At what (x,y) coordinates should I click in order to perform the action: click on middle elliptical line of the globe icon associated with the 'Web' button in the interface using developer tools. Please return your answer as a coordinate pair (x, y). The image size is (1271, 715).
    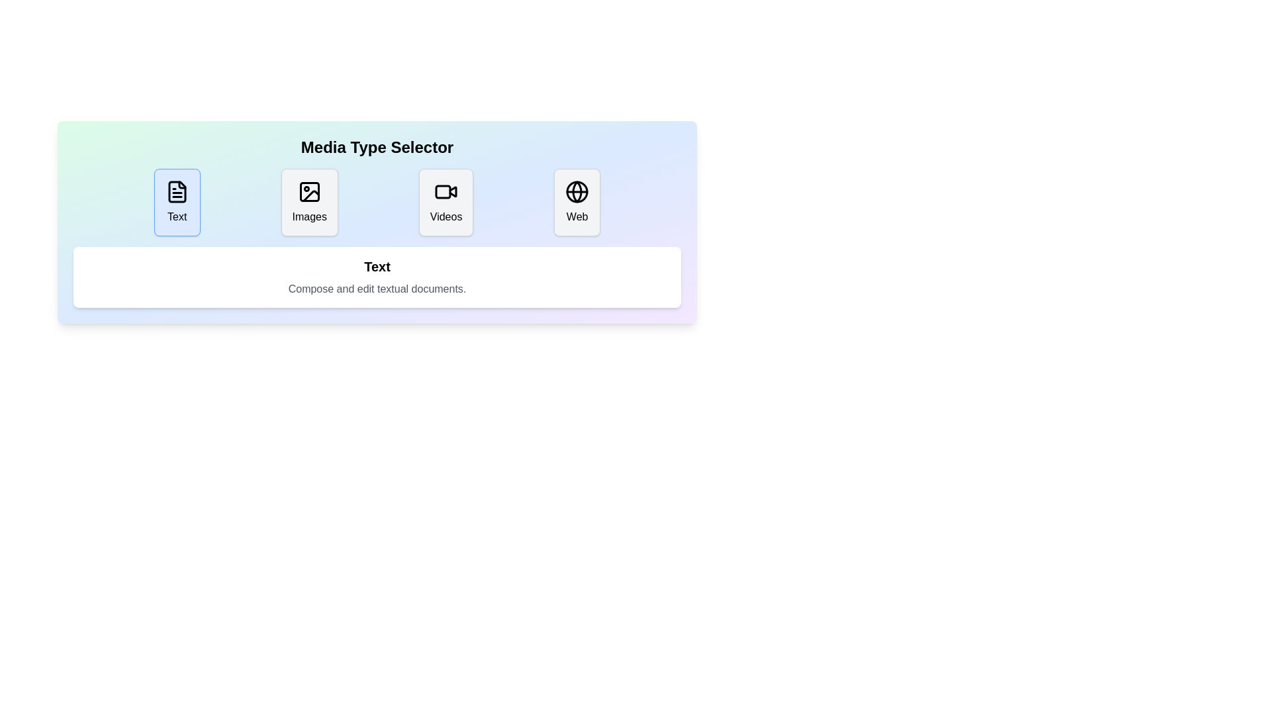
    Looking at the image, I should click on (577, 191).